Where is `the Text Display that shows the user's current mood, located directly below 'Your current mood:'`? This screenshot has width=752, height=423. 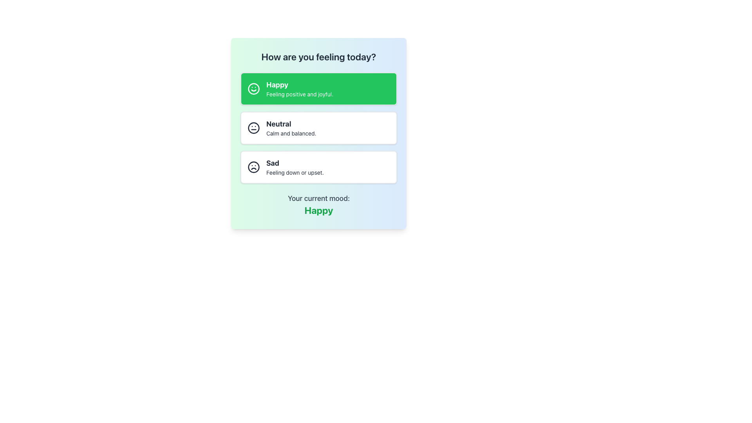
the Text Display that shows the user's current mood, located directly below 'Your current mood:' is located at coordinates (319, 210).